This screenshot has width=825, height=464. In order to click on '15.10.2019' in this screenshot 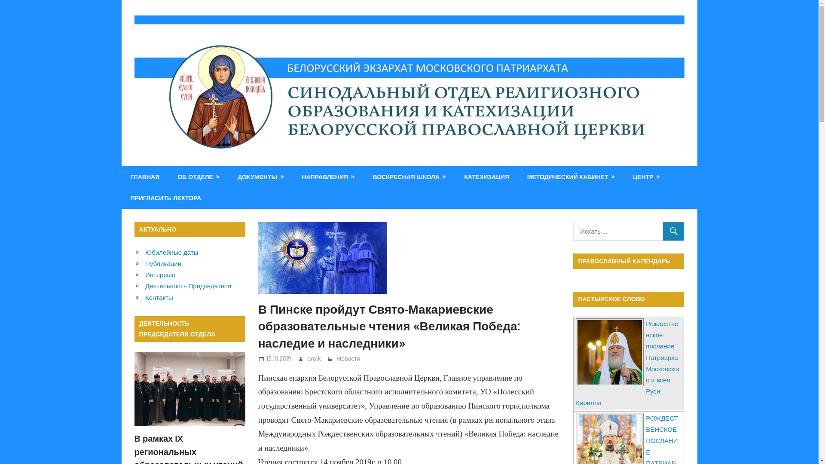, I will do `click(278, 358)`.